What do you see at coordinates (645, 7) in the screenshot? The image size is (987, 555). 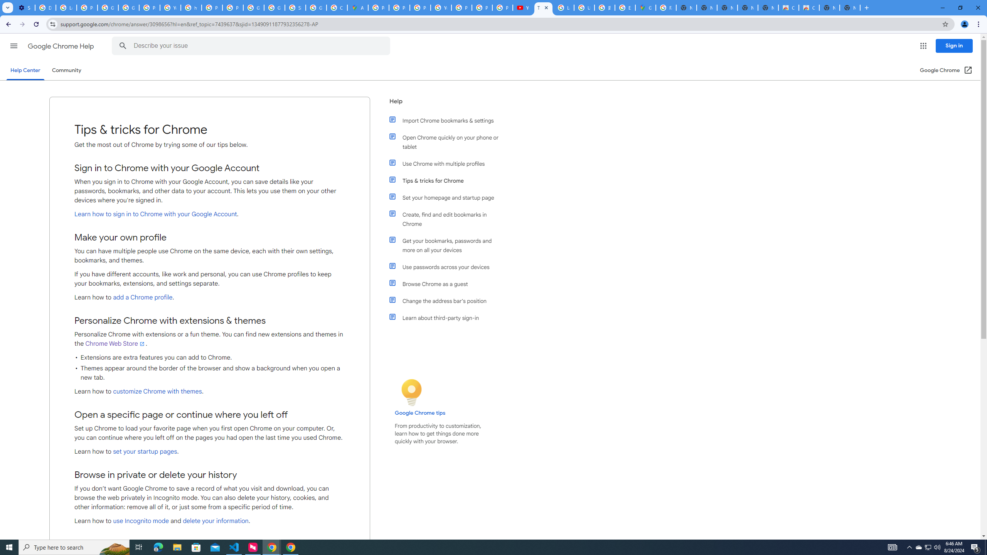 I see `'Google Maps'` at bounding box center [645, 7].